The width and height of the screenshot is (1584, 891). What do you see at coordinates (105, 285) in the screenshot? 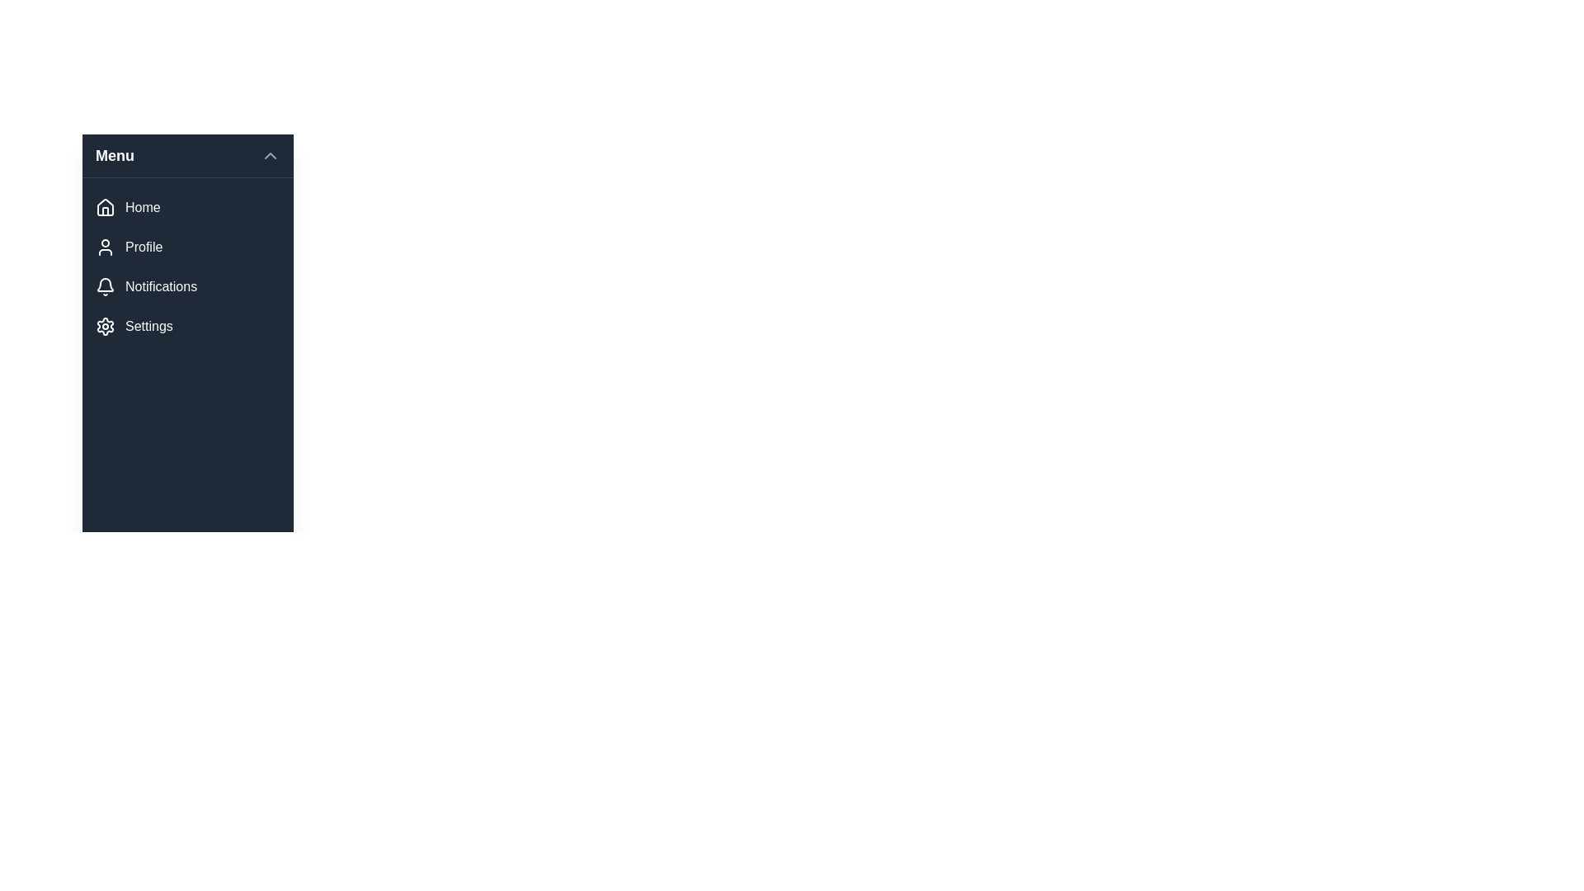
I see `the bell icon representing notifications located in the left sidebar menu under the 'Notifications' option` at bounding box center [105, 285].